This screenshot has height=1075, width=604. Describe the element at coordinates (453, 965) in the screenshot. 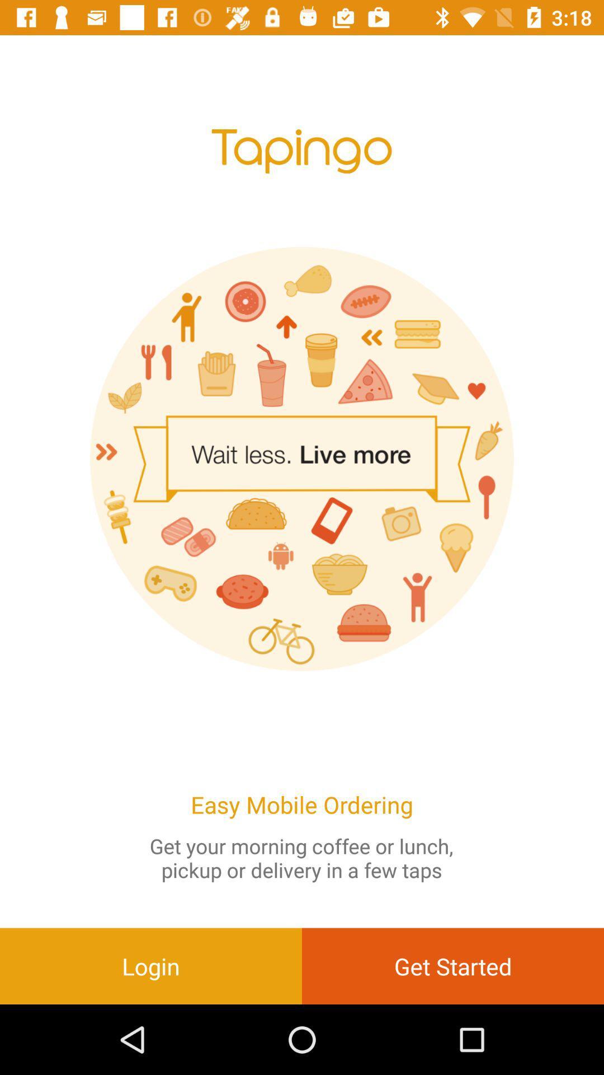

I see `the get started item` at that location.